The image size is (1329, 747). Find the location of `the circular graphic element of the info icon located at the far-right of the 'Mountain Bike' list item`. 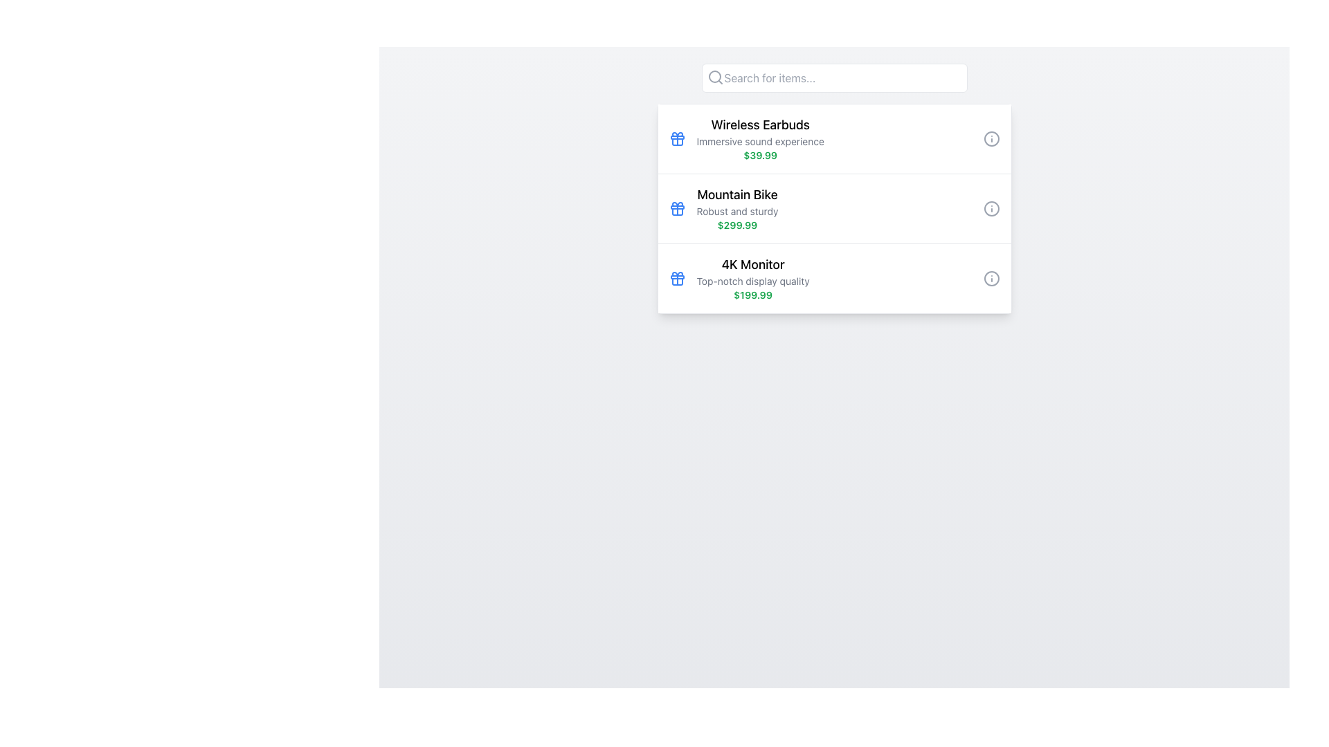

the circular graphic element of the info icon located at the far-right of the 'Mountain Bike' list item is located at coordinates (991, 208).